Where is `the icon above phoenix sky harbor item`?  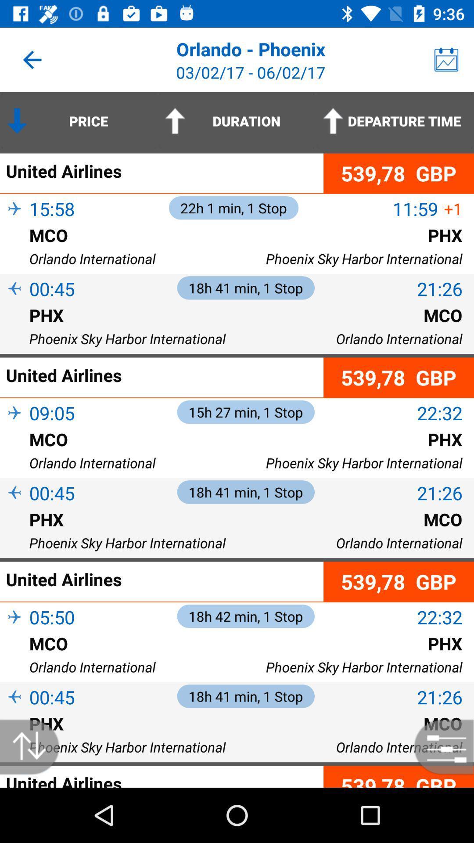 the icon above phoenix sky harbor item is located at coordinates (14, 329).